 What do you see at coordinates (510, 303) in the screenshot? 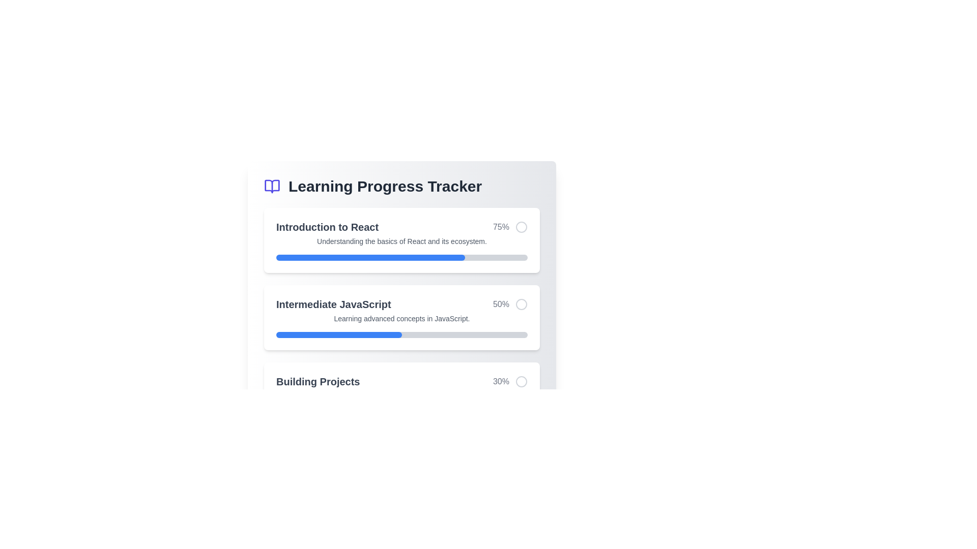
I see `the circular icon next to the '50%' progress label in the learning progress tracker for interaction` at bounding box center [510, 303].